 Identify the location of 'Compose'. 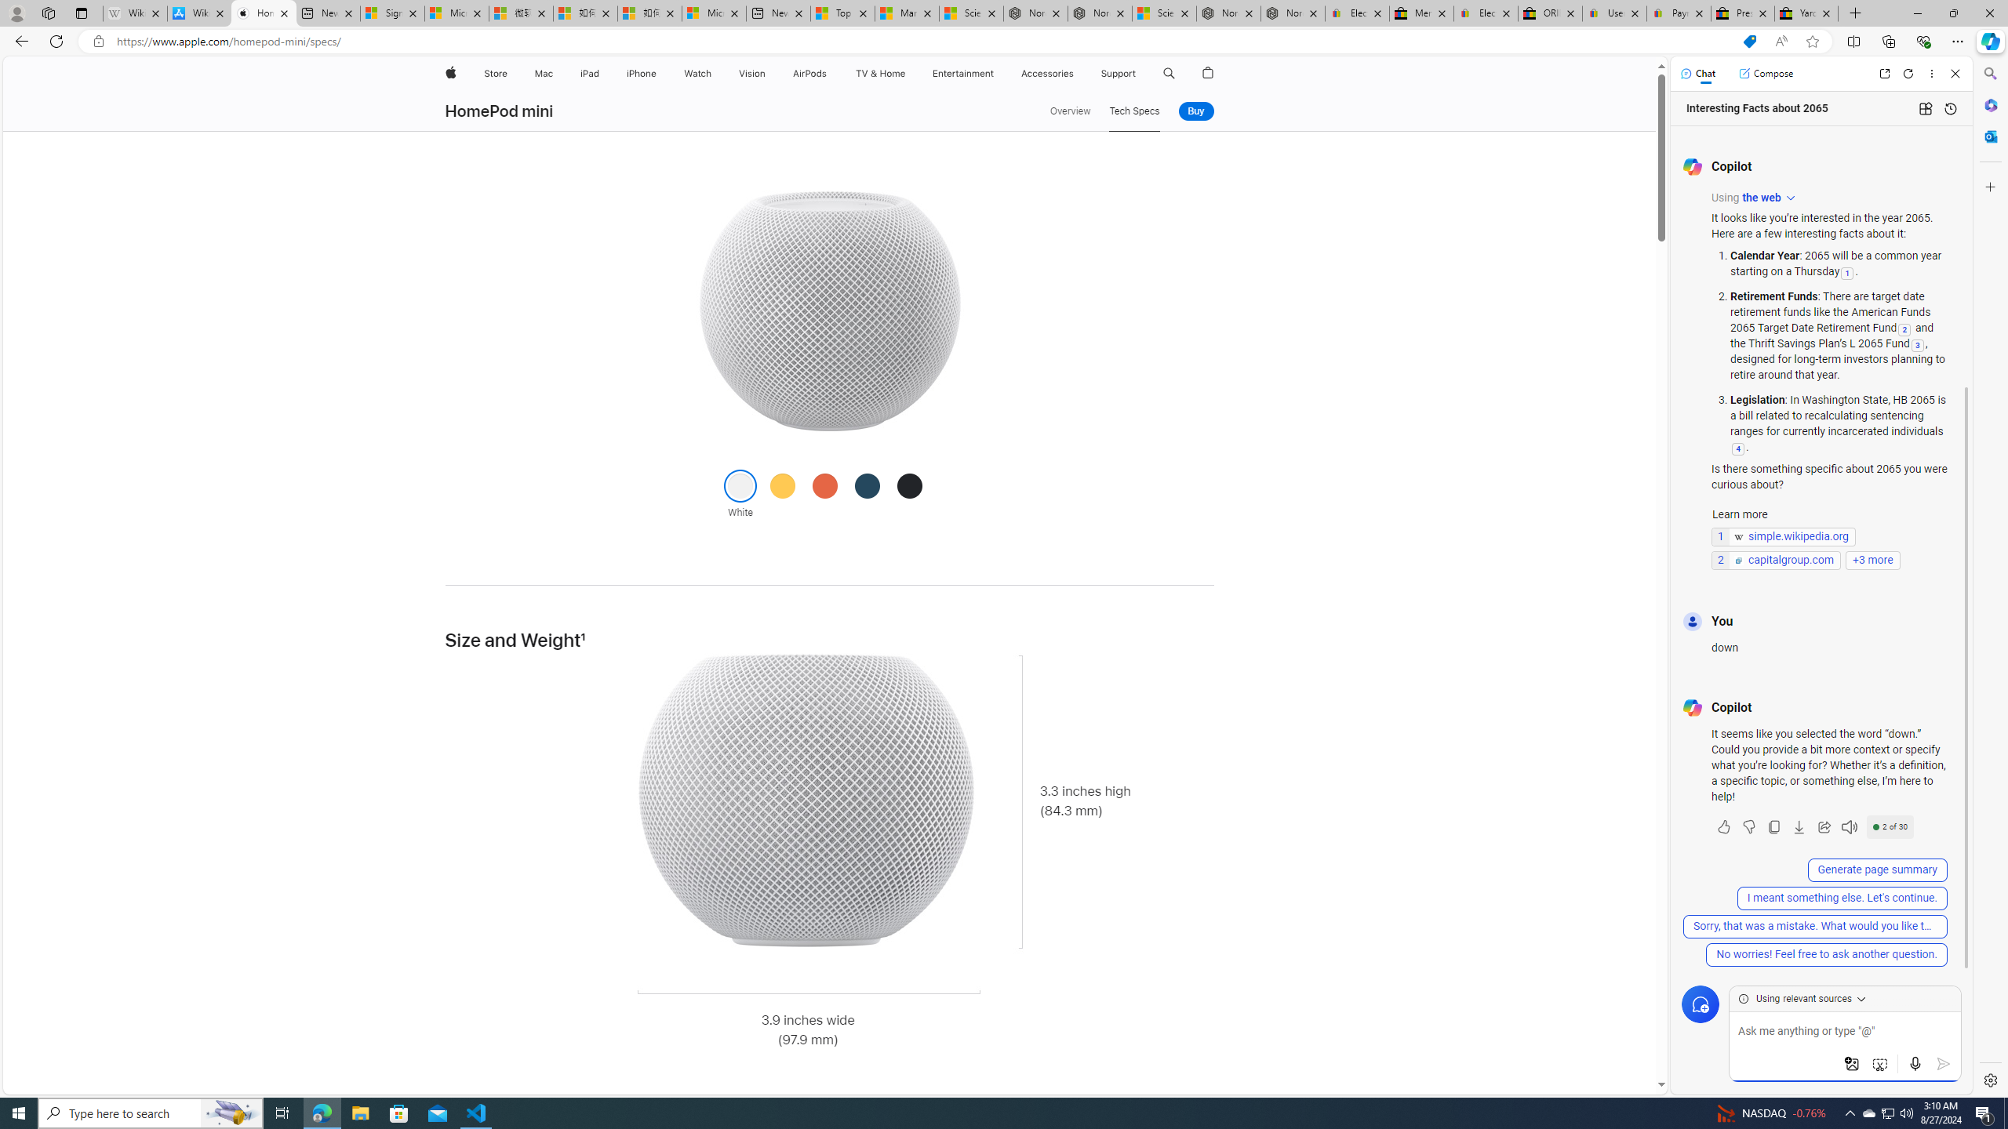
(1765, 72).